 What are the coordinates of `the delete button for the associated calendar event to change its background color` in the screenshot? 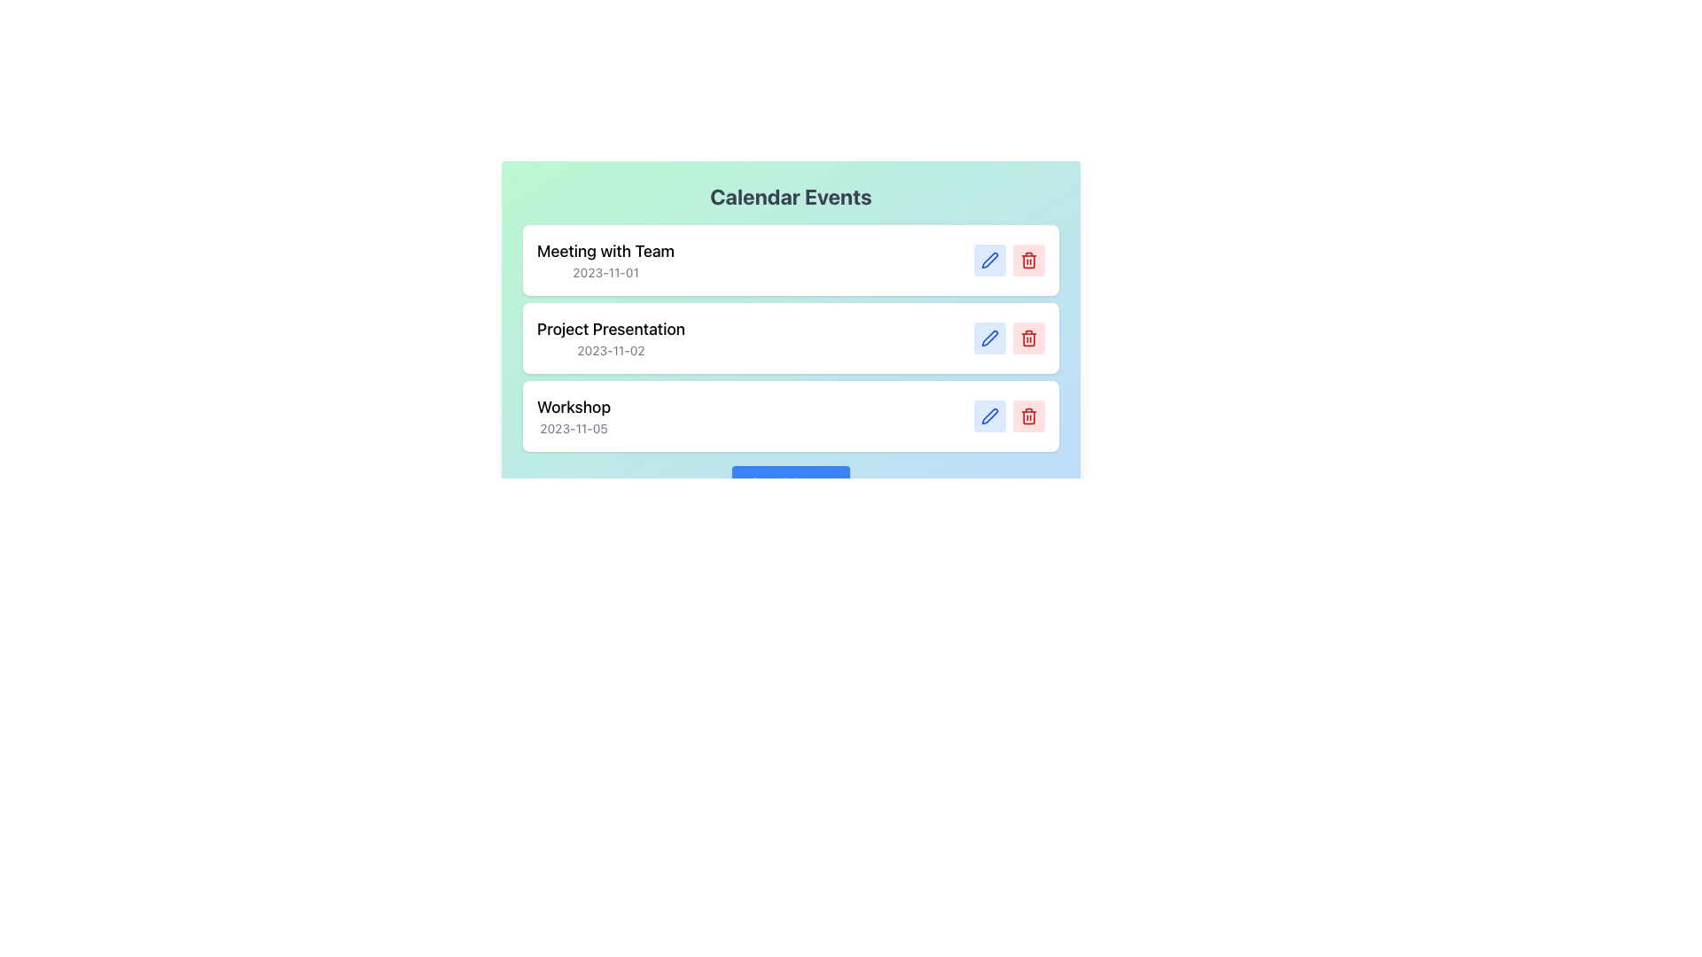 It's located at (1029, 416).